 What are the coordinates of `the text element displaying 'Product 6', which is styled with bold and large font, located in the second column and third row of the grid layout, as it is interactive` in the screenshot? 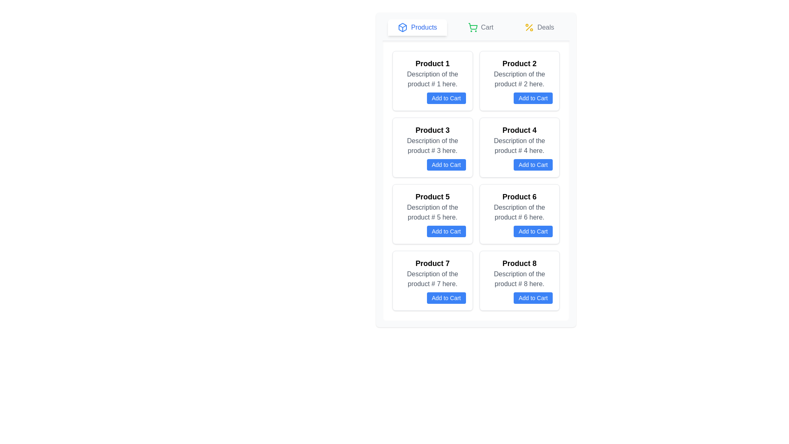 It's located at (519, 197).